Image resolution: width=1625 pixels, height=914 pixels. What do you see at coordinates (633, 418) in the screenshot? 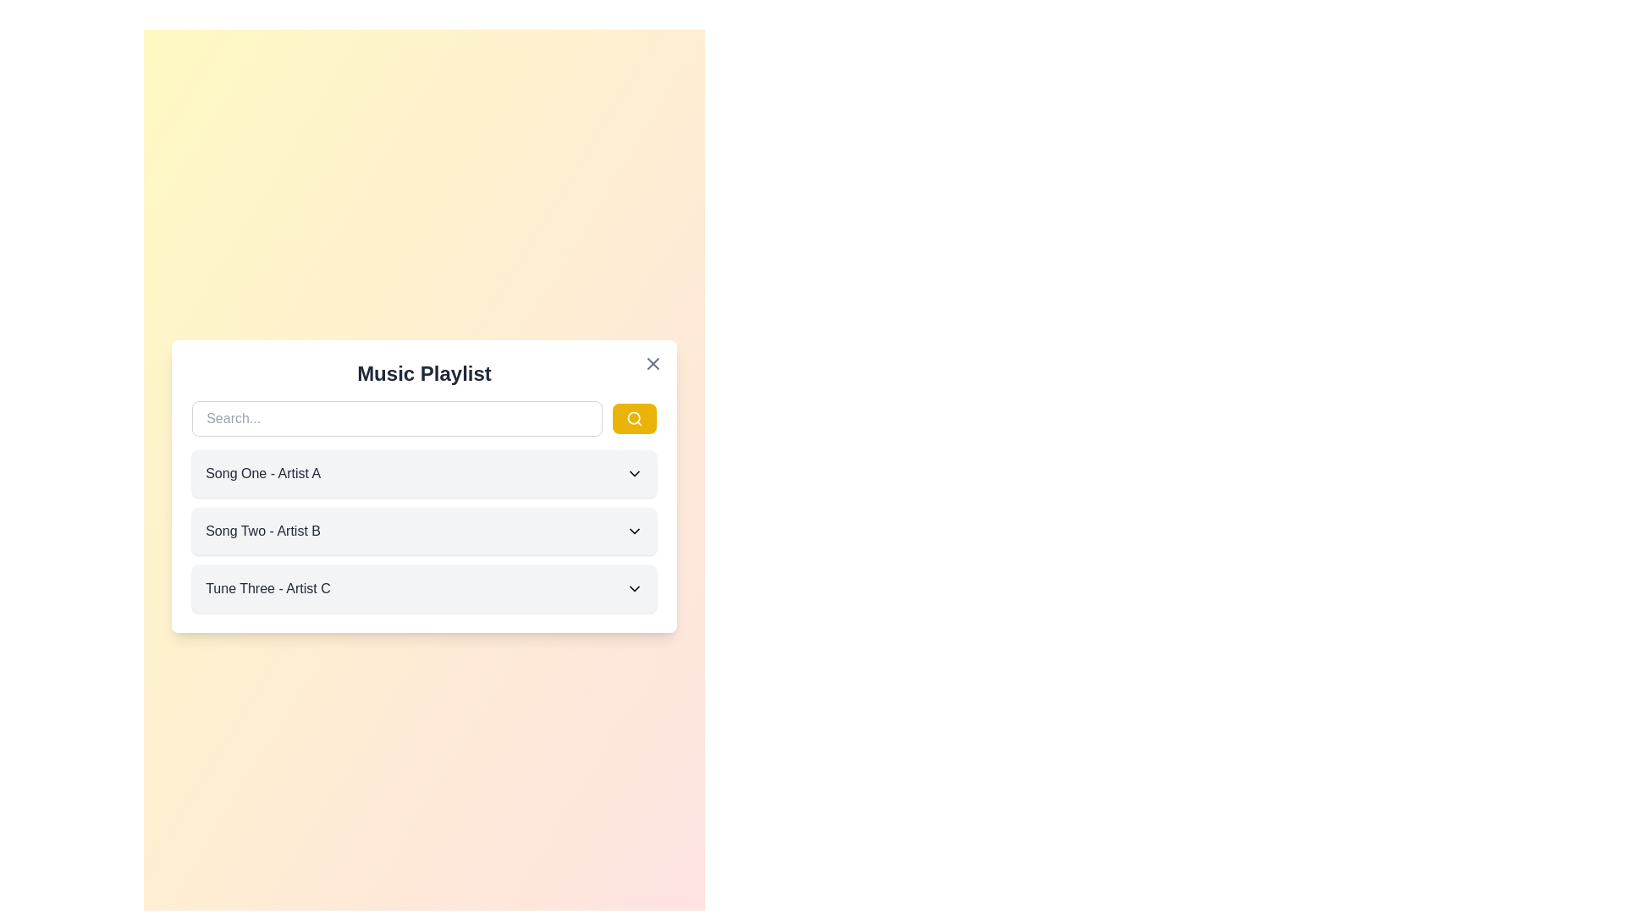
I see `the yellow magnifying glass icon located within the button` at bounding box center [633, 418].